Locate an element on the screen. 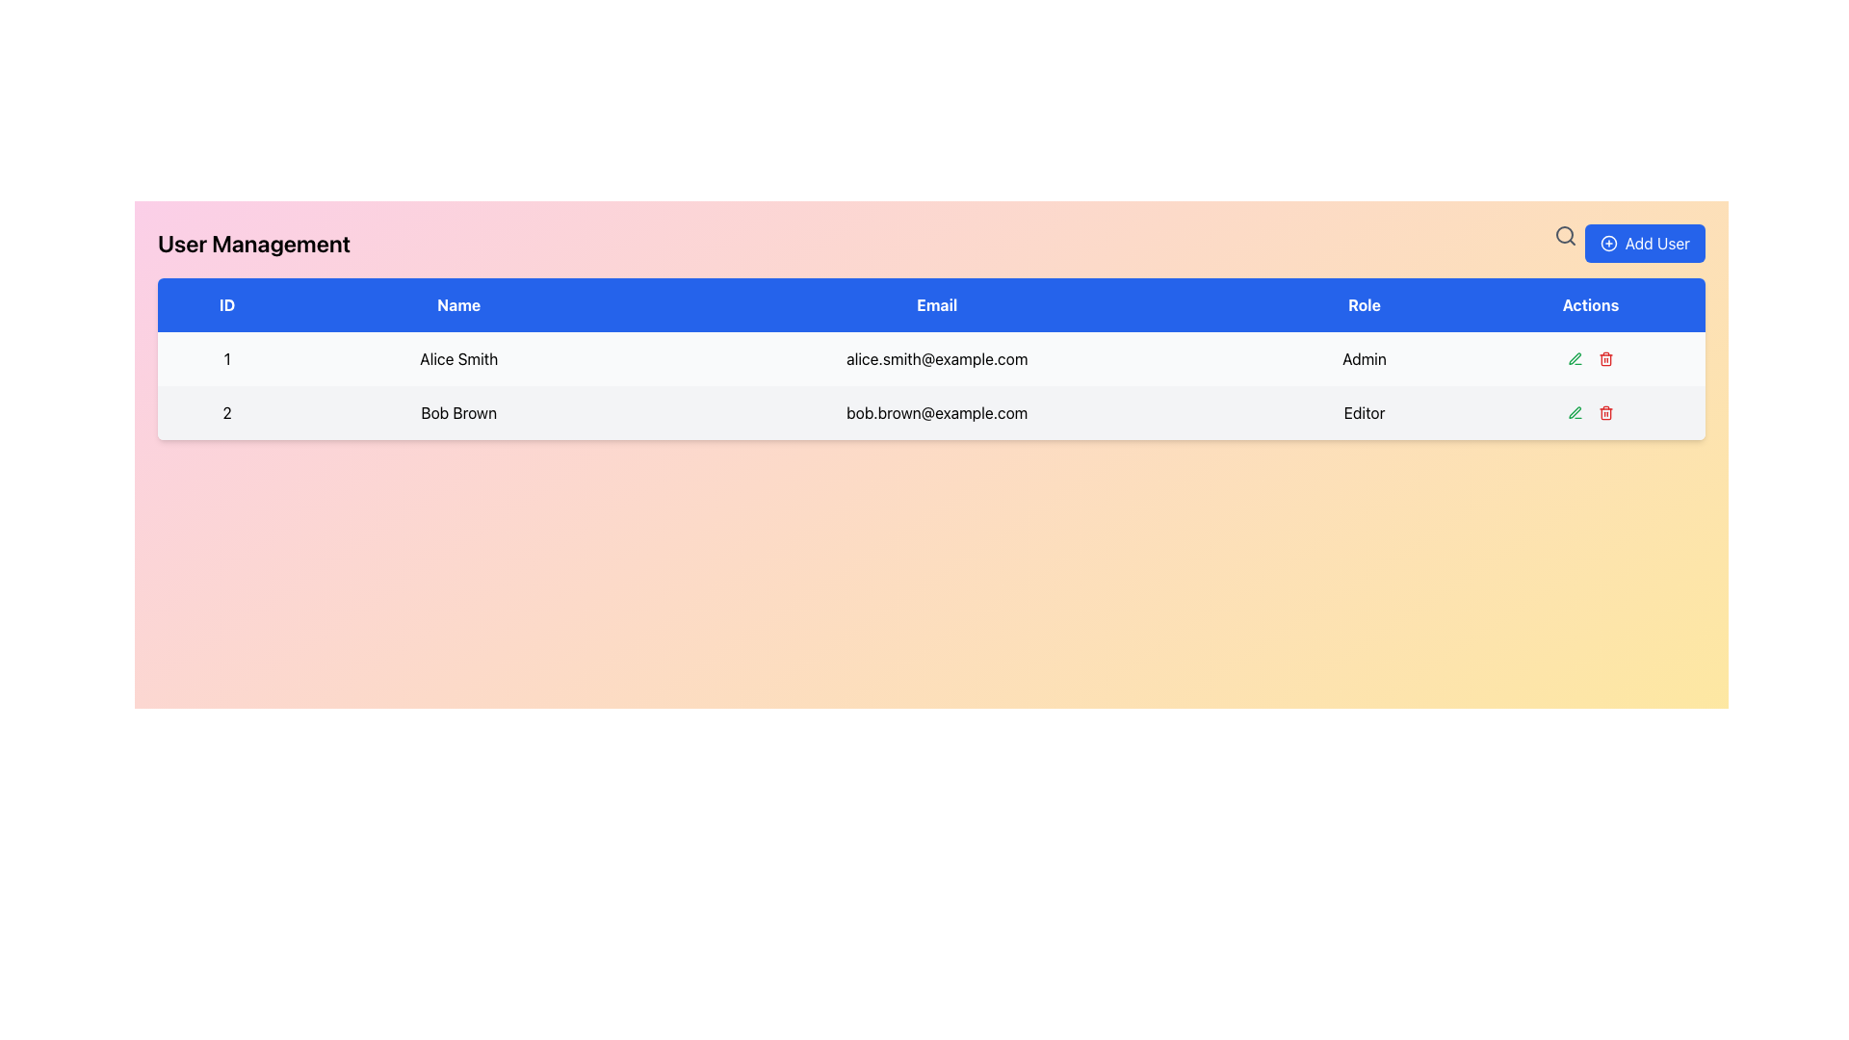 Image resolution: width=1849 pixels, height=1040 pixels. the delete icon button located in the 'Actions' column of the second row in the user management table to initiate deletion is located at coordinates (1605, 411).